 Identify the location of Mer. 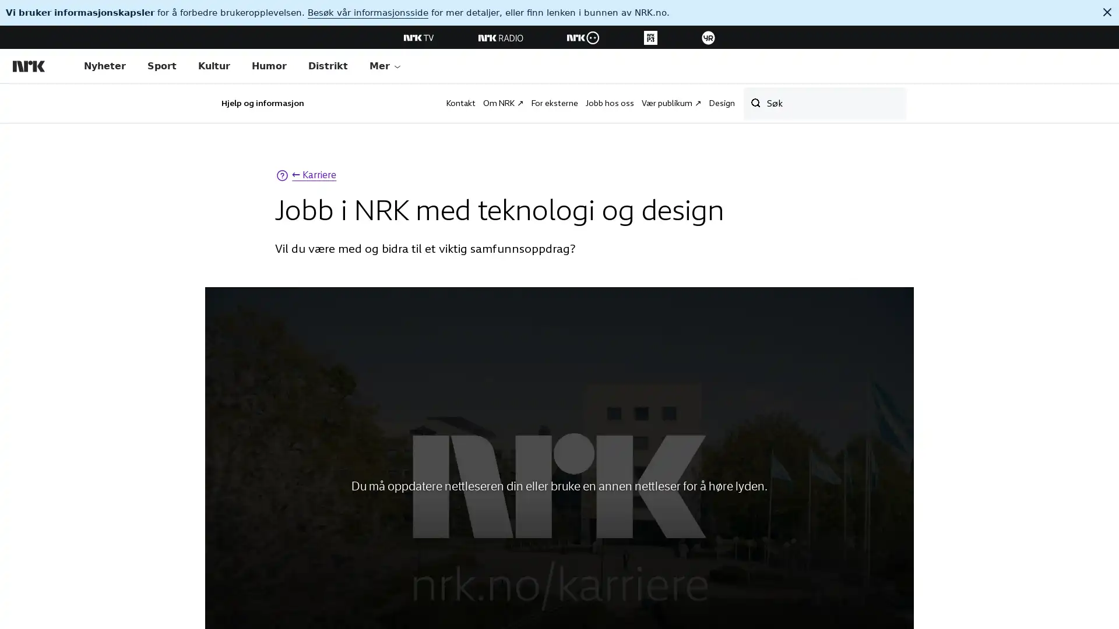
(385, 66).